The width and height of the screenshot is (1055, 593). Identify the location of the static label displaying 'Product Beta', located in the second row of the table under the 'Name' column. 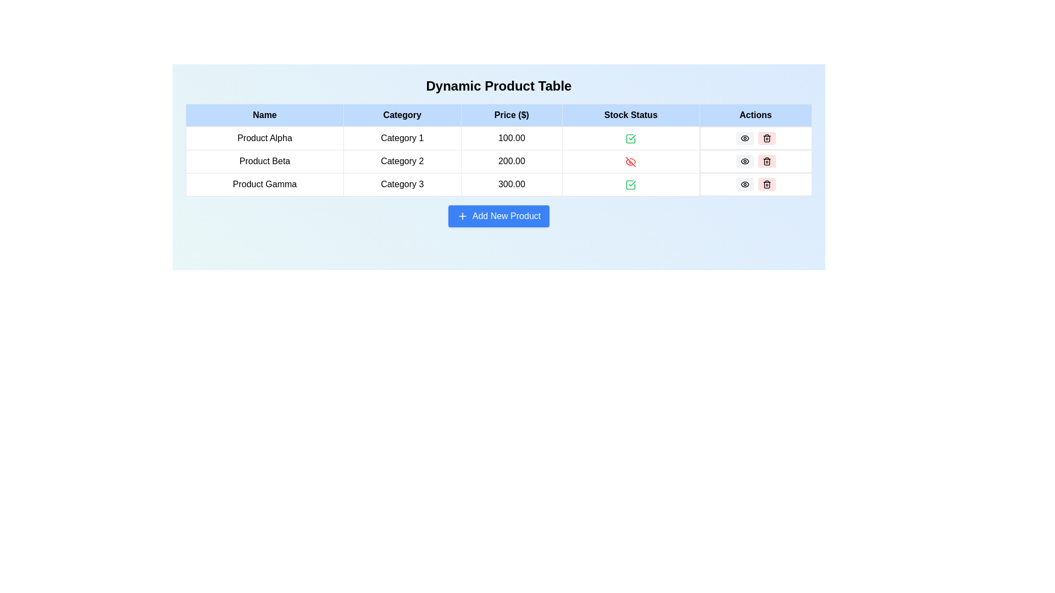
(264, 161).